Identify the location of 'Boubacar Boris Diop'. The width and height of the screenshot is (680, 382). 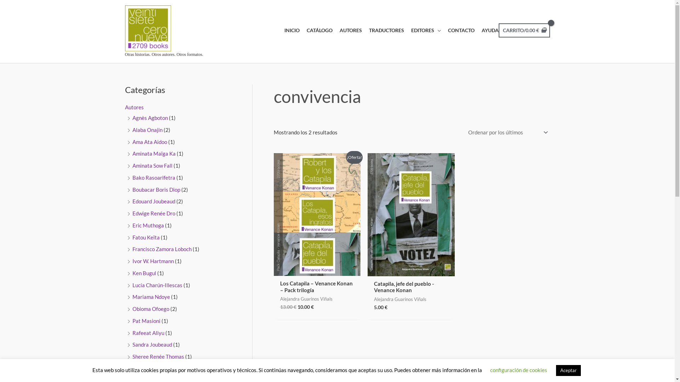
(156, 189).